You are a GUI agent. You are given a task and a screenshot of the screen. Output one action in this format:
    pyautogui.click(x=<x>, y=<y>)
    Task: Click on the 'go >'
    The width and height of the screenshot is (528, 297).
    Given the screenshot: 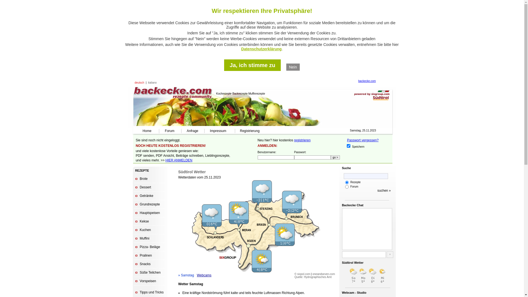 What is the action you would take?
    pyautogui.click(x=335, y=157)
    